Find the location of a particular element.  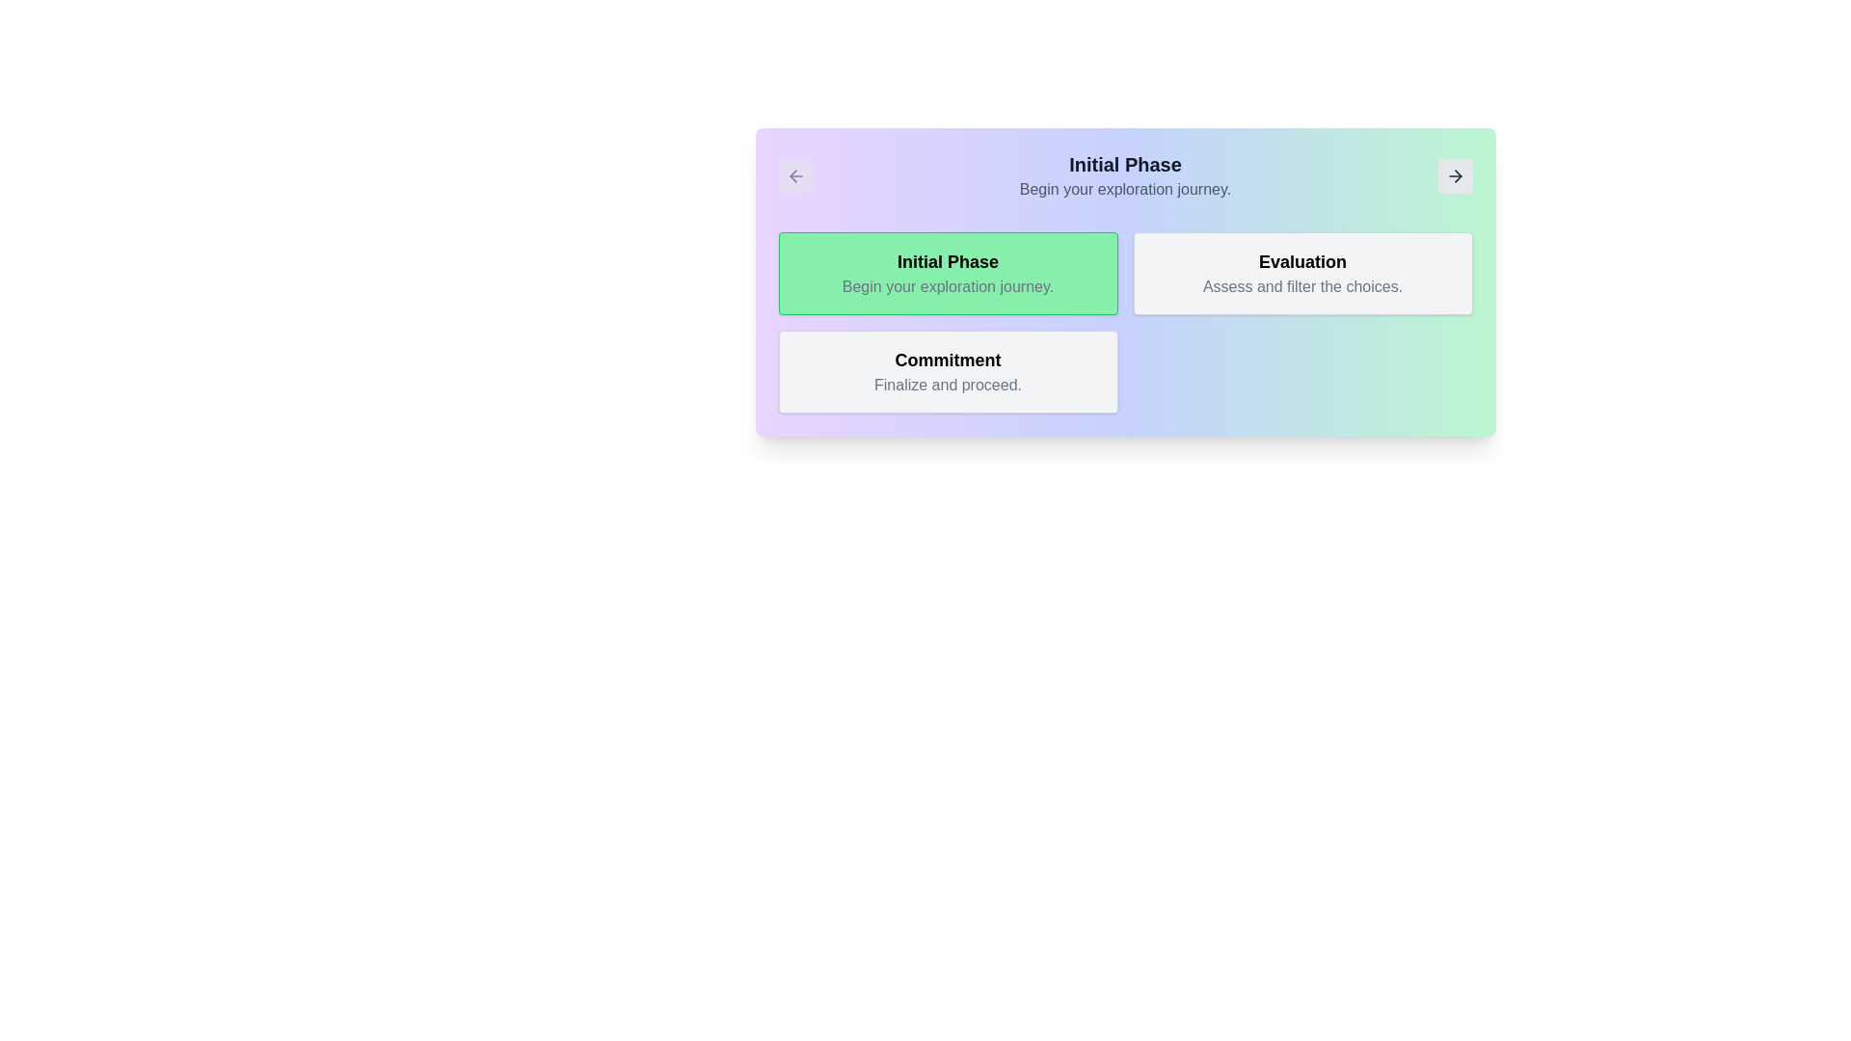

the text 'Initial Phase' which is displayed in a bold, prominent sans-serif font within a green background box with rounded corners is located at coordinates (948, 262).